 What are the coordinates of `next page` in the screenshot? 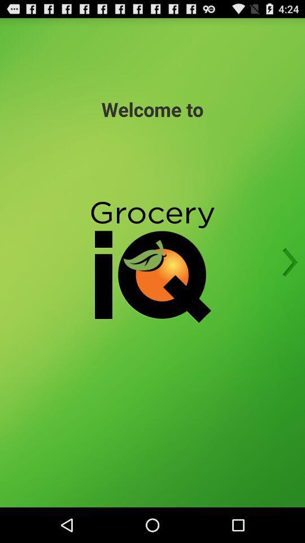 It's located at (286, 262).